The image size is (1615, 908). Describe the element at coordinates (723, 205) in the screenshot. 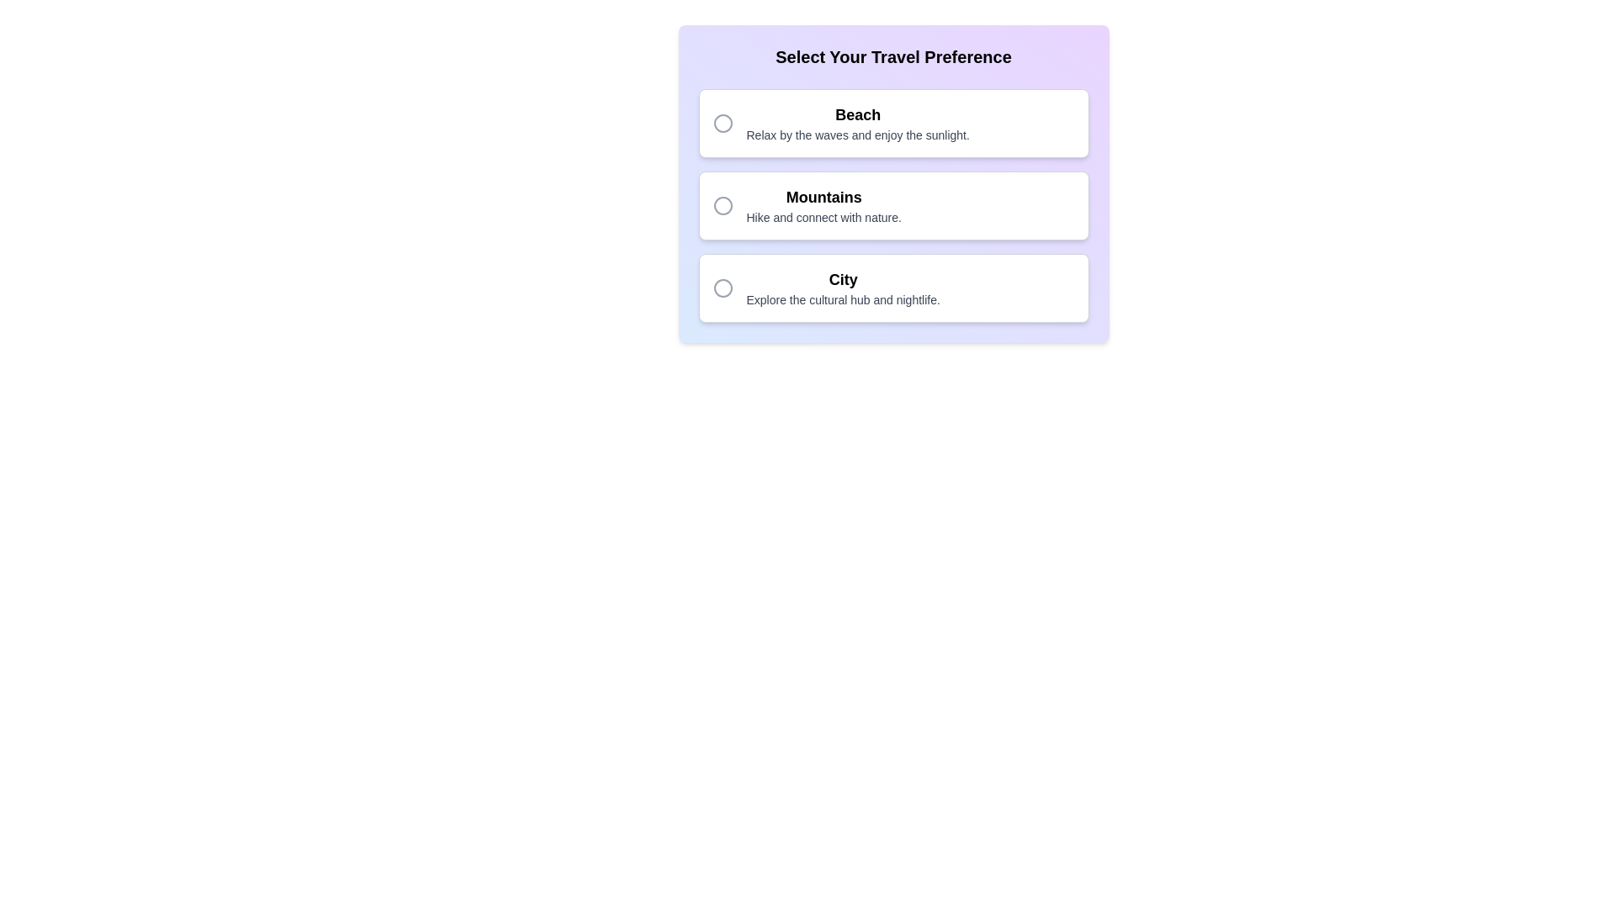

I see `the circular gray icon located to the left of the 'Mountains' text within the card titled 'Mountains'` at that location.